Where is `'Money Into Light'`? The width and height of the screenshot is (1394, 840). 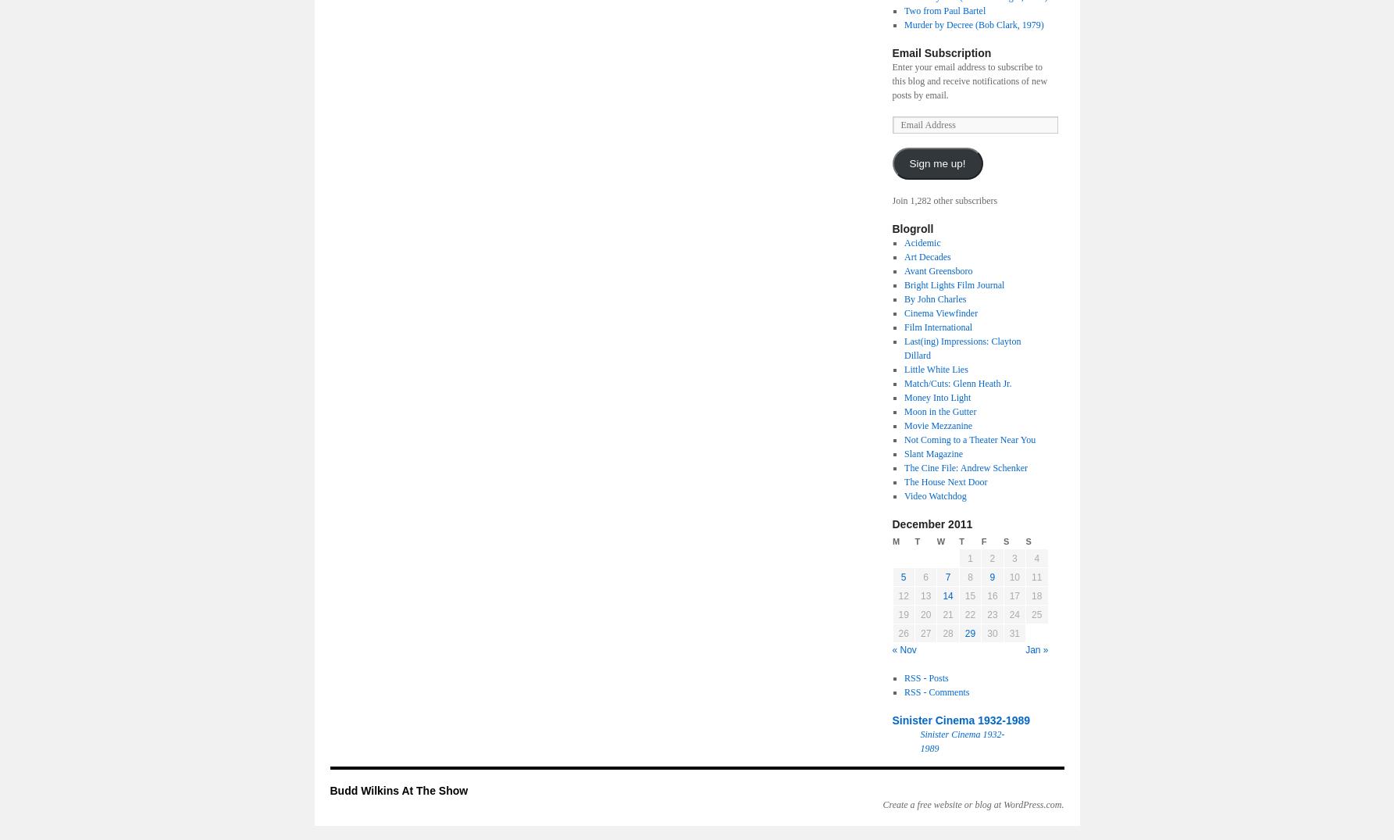 'Money Into Light' is located at coordinates (903, 397).